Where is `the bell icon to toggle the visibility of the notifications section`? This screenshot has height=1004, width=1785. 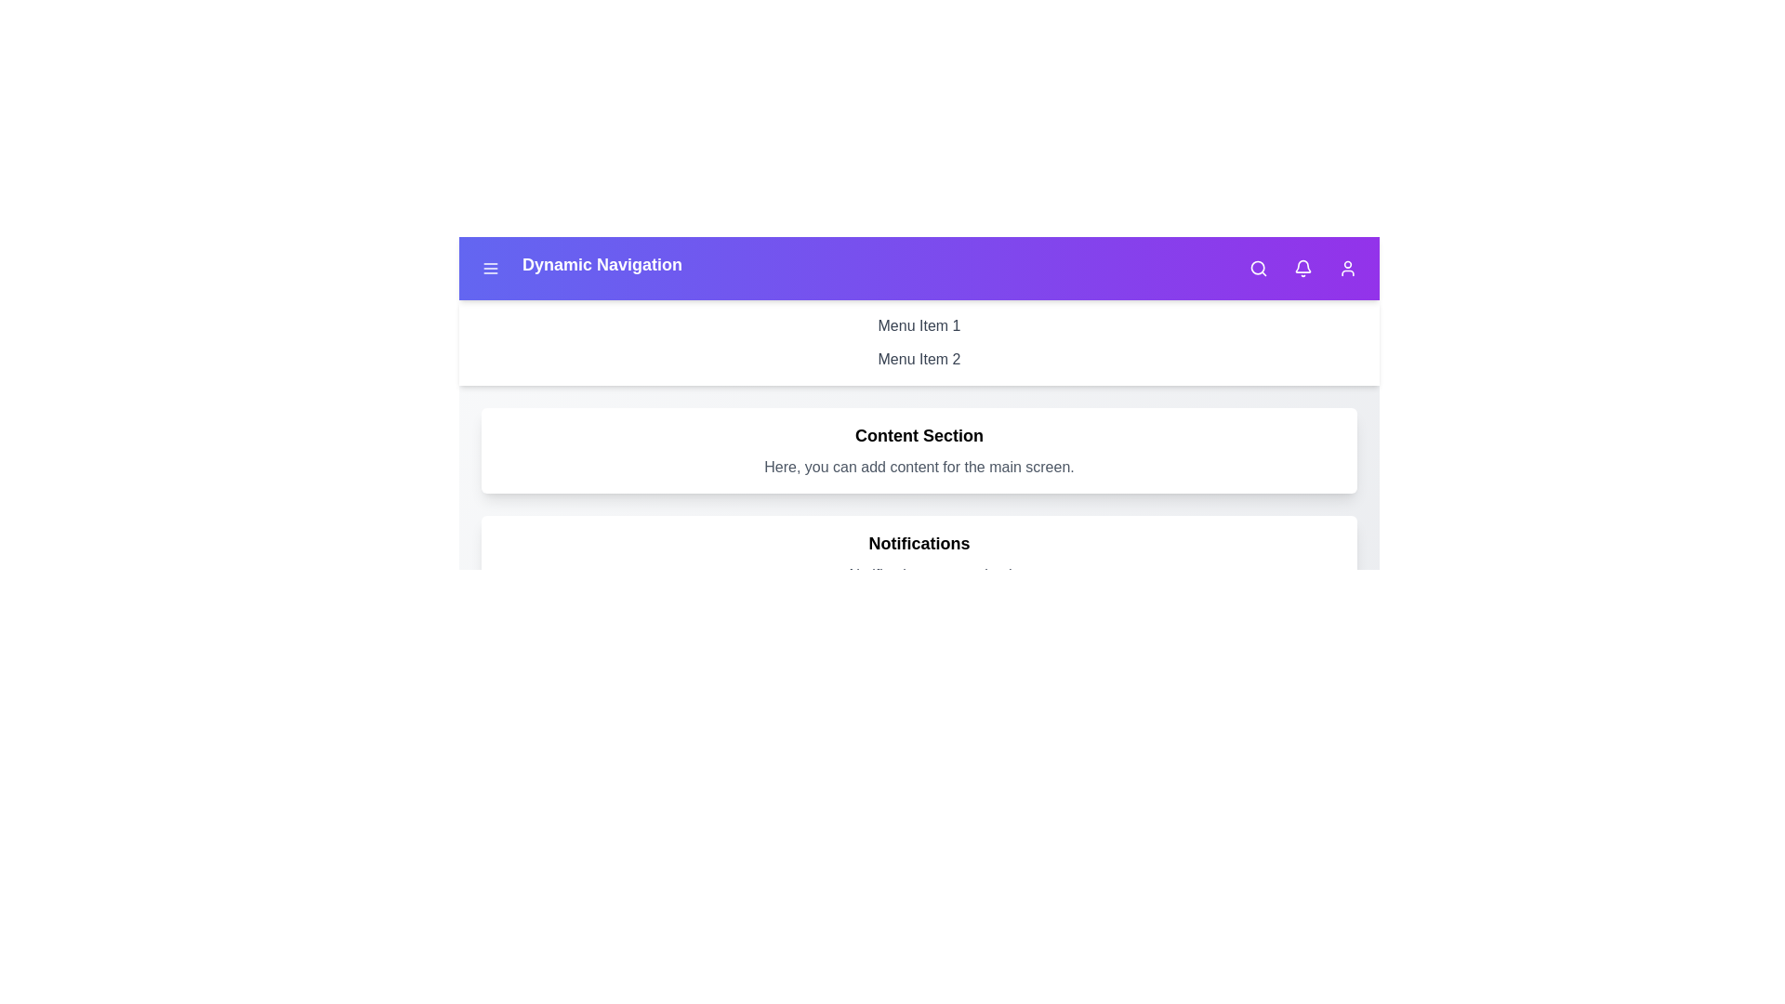
the bell icon to toggle the visibility of the notifications section is located at coordinates (1302, 269).